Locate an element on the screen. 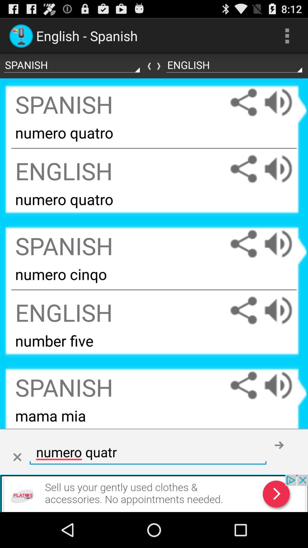  the share simple is located at coordinates (243, 310).